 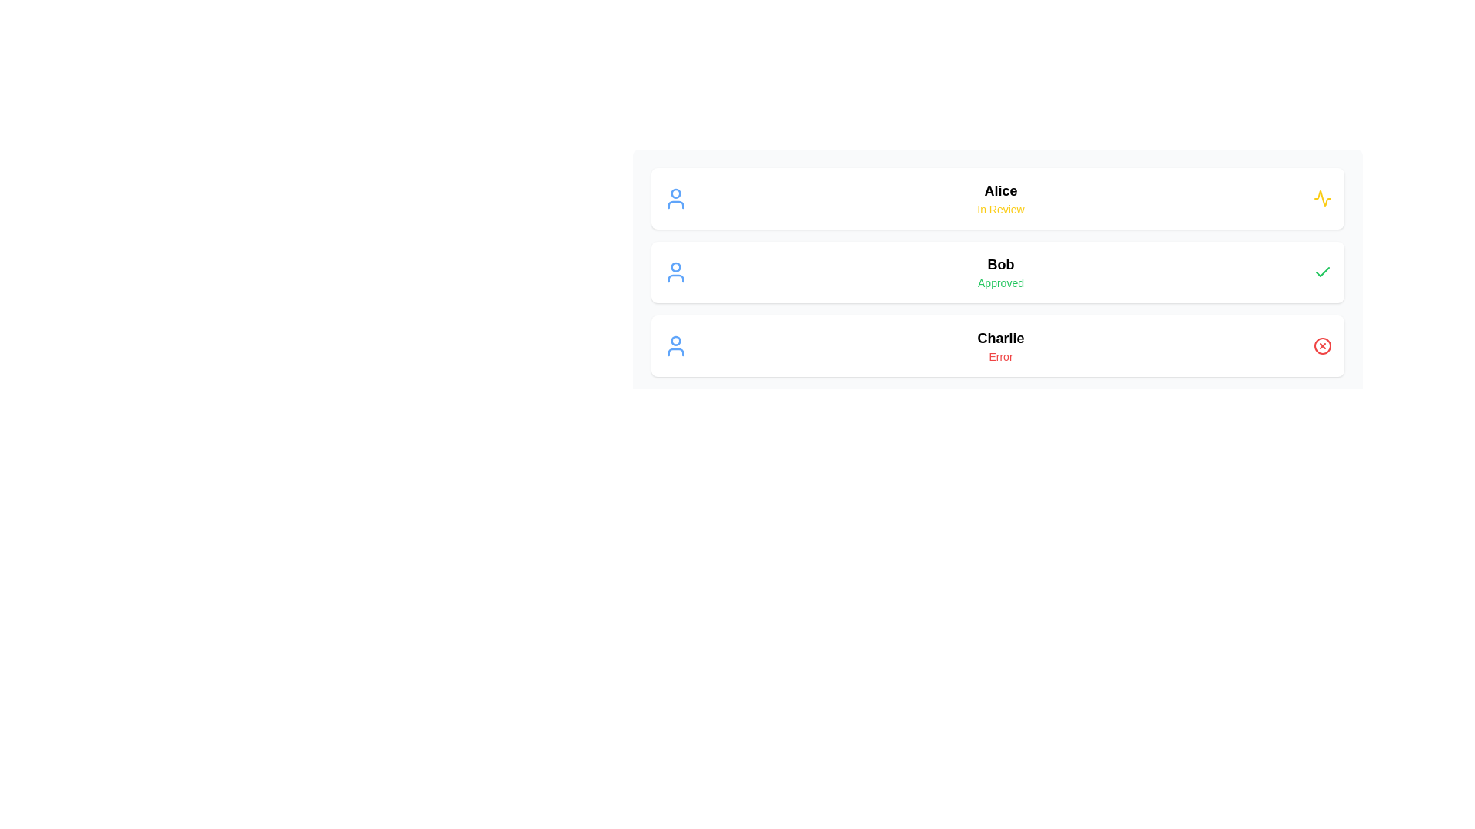 What do you see at coordinates (1000, 190) in the screenshot?
I see `the 'Alice' text label, which is bold and large` at bounding box center [1000, 190].